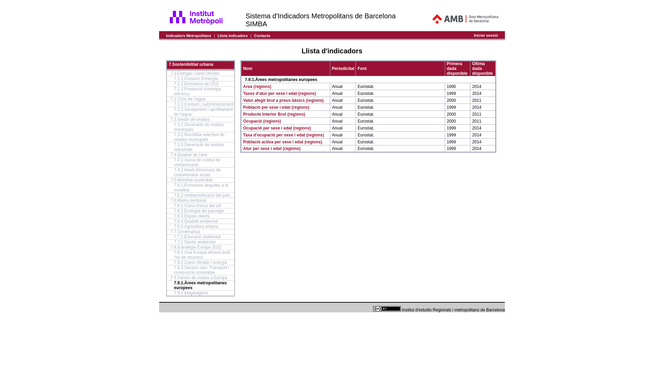 Image resolution: width=664 pixels, height=374 pixels. What do you see at coordinates (203, 112) in the screenshot?
I see `'7.2.2.Sanejament i aprofitament de l'aigua'` at bounding box center [203, 112].